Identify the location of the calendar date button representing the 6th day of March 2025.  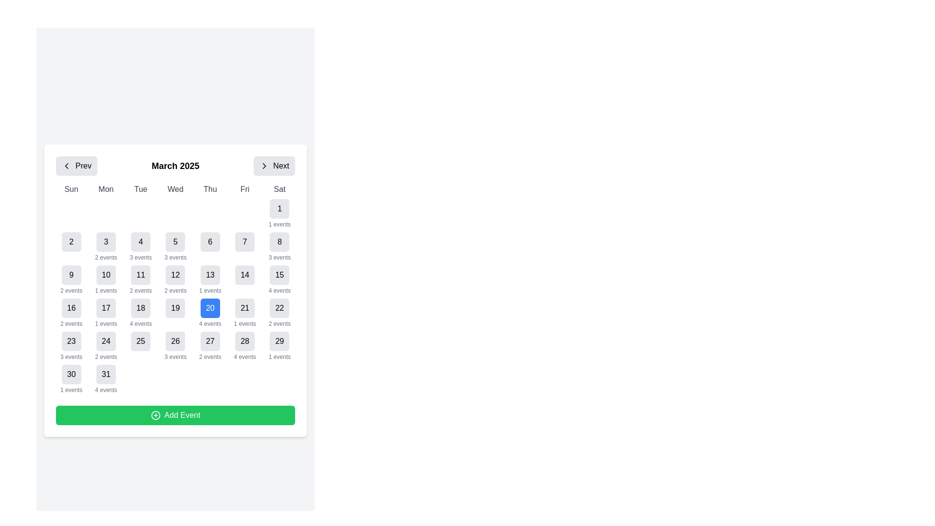
(209, 242).